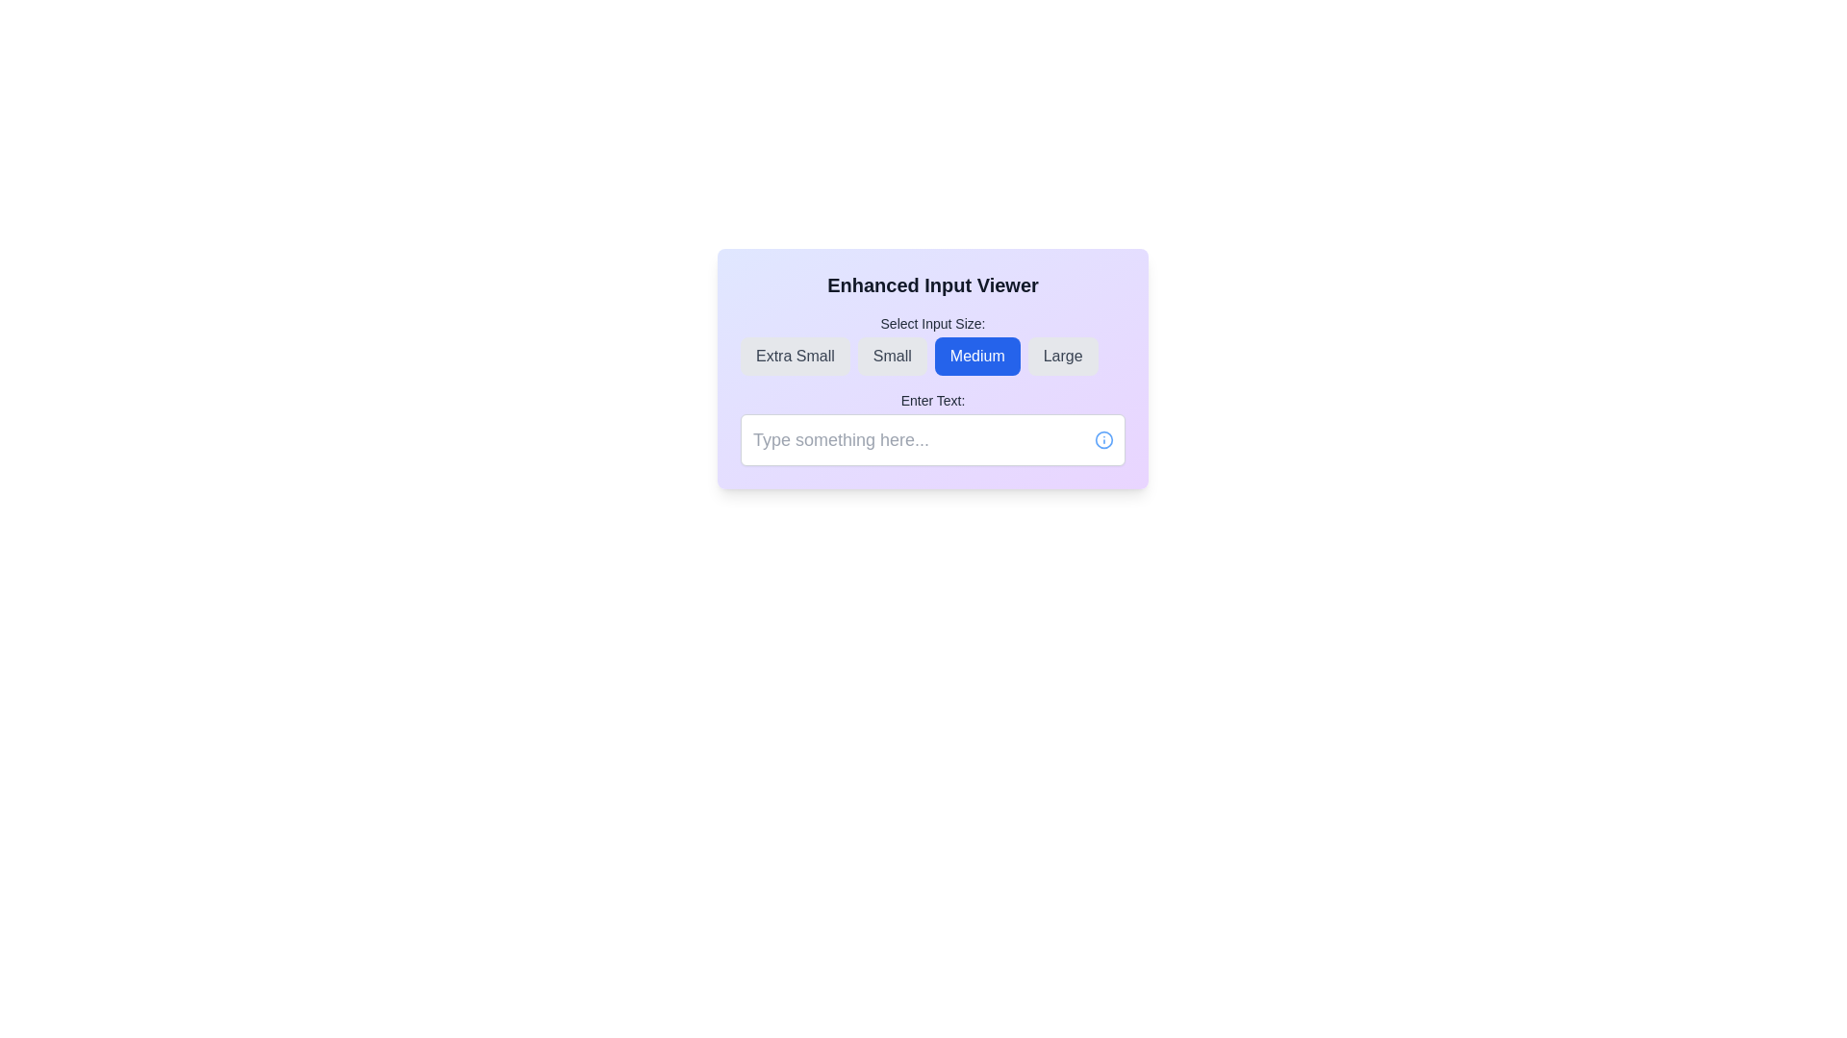 This screenshot has width=1847, height=1038. Describe the element at coordinates (932, 343) in the screenshot. I see `the 'Medium' button in the grouped button selector labeled 'Select Input Size:'` at that location.